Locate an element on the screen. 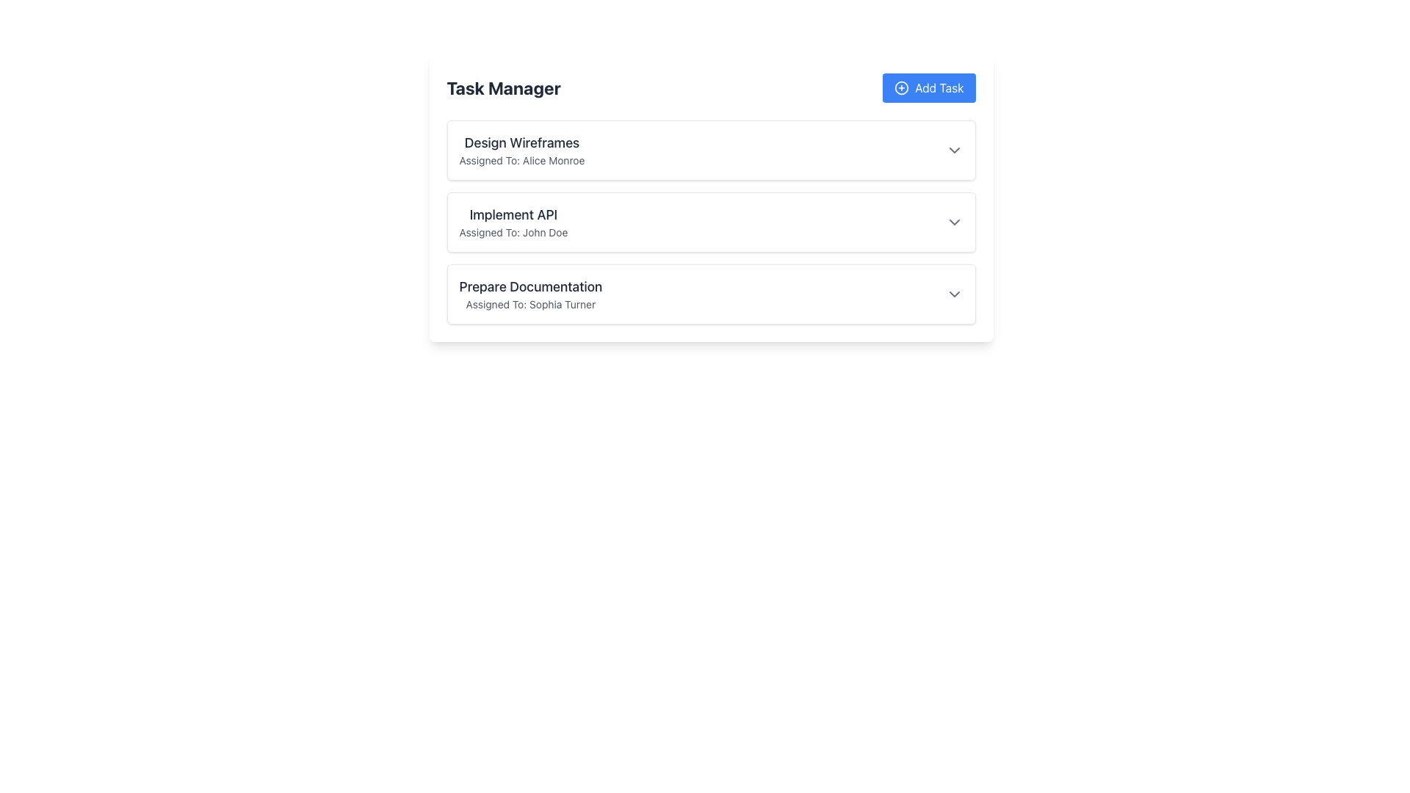 This screenshot has height=793, width=1410. the dropdown toggle button (icon-based) located at the far right of the 'Prepare Documentation' task card is located at coordinates (954, 294).